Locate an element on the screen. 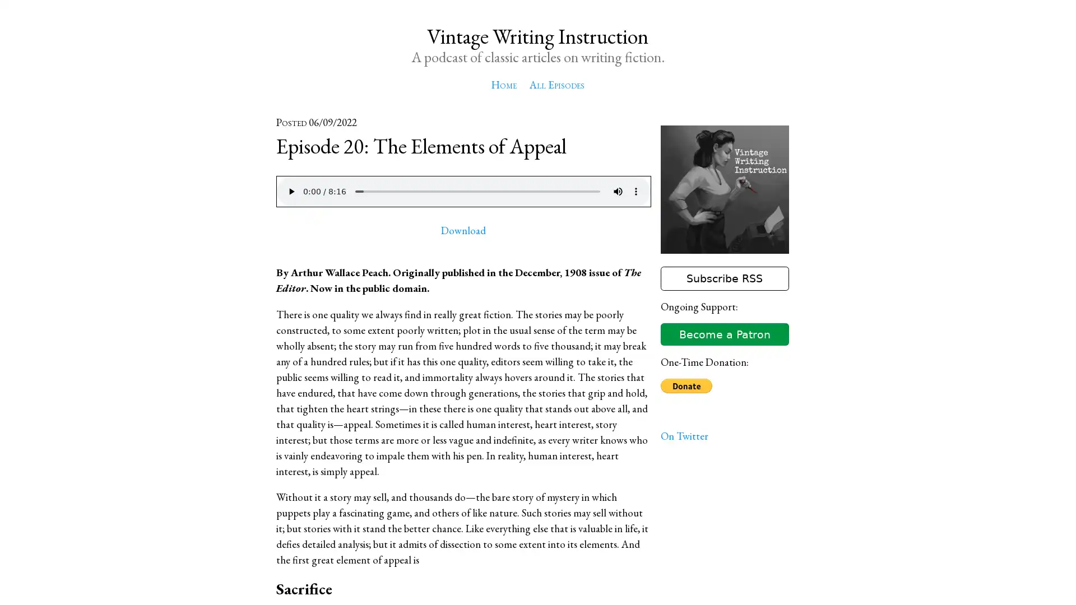 This screenshot has height=605, width=1076. show more media controls is located at coordinates (635, 191).